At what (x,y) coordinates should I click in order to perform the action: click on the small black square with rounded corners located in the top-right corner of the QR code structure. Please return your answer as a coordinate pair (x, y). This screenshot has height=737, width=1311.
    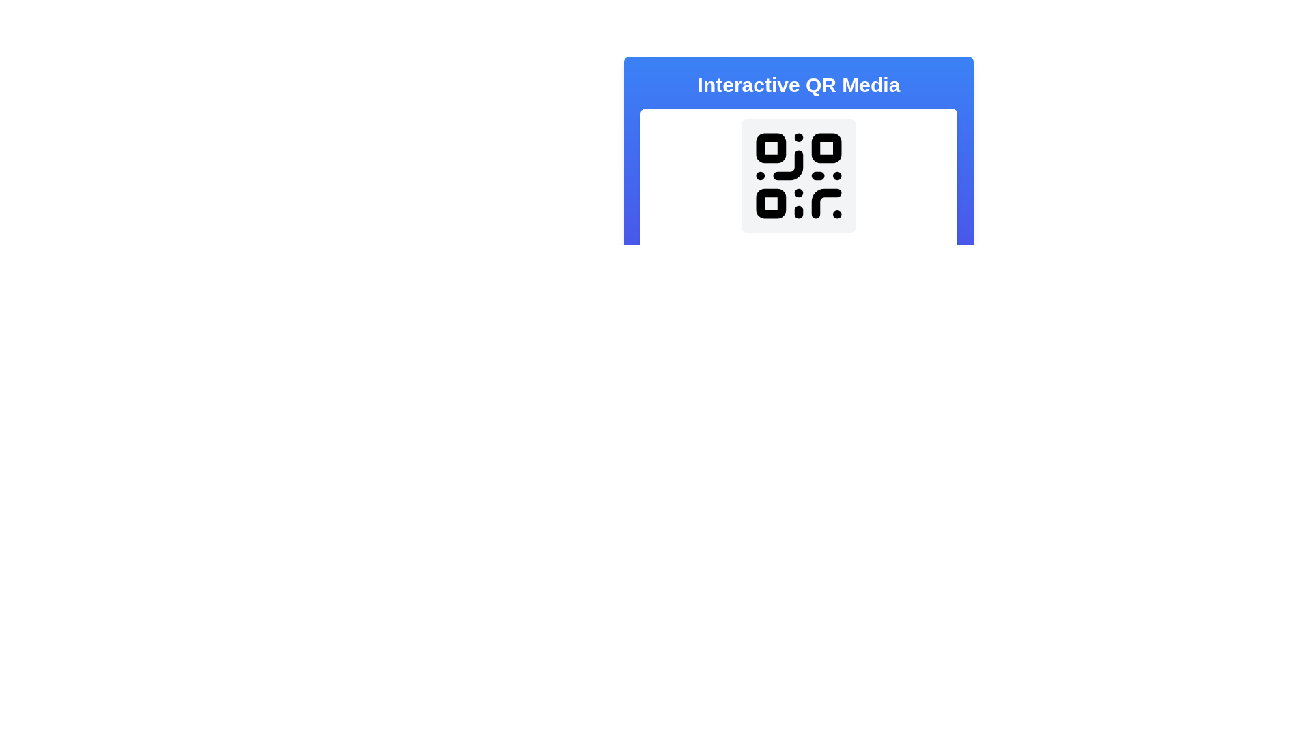
    Looking at the image, I should click on (826, 148).